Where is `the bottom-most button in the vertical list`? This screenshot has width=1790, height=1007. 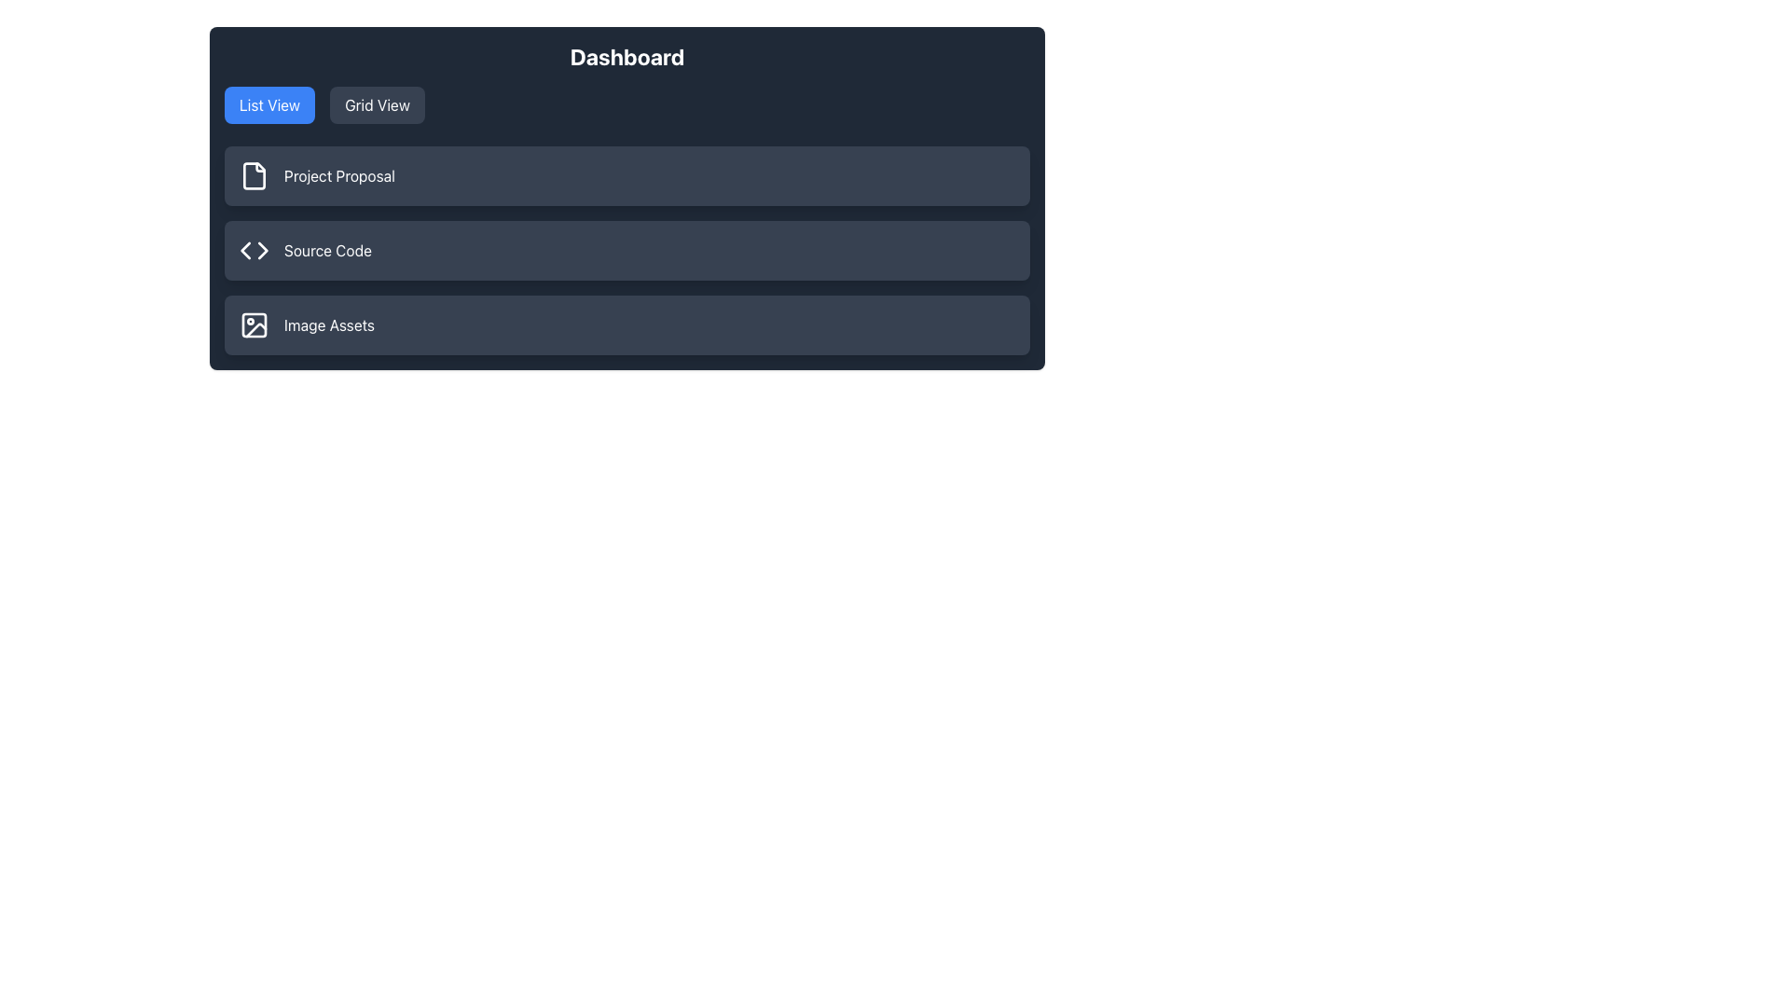 the bottom-most button in the vertical list is located at coordinates (626, 324).